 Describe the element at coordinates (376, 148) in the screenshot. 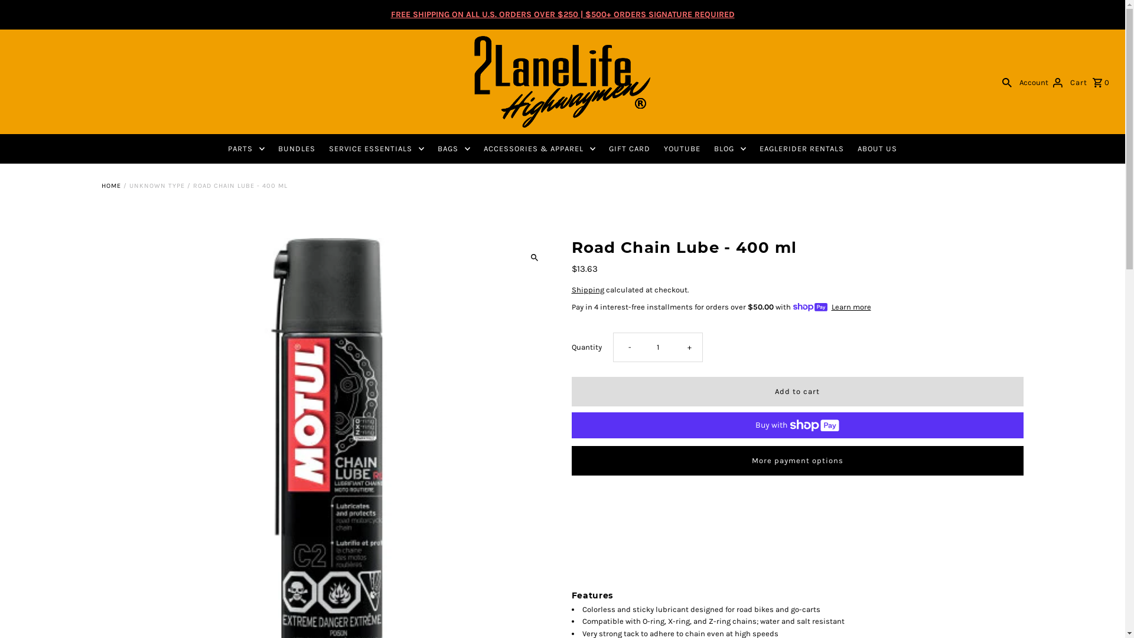

I see `'SERVICE ESSENTIALS'` at that location.